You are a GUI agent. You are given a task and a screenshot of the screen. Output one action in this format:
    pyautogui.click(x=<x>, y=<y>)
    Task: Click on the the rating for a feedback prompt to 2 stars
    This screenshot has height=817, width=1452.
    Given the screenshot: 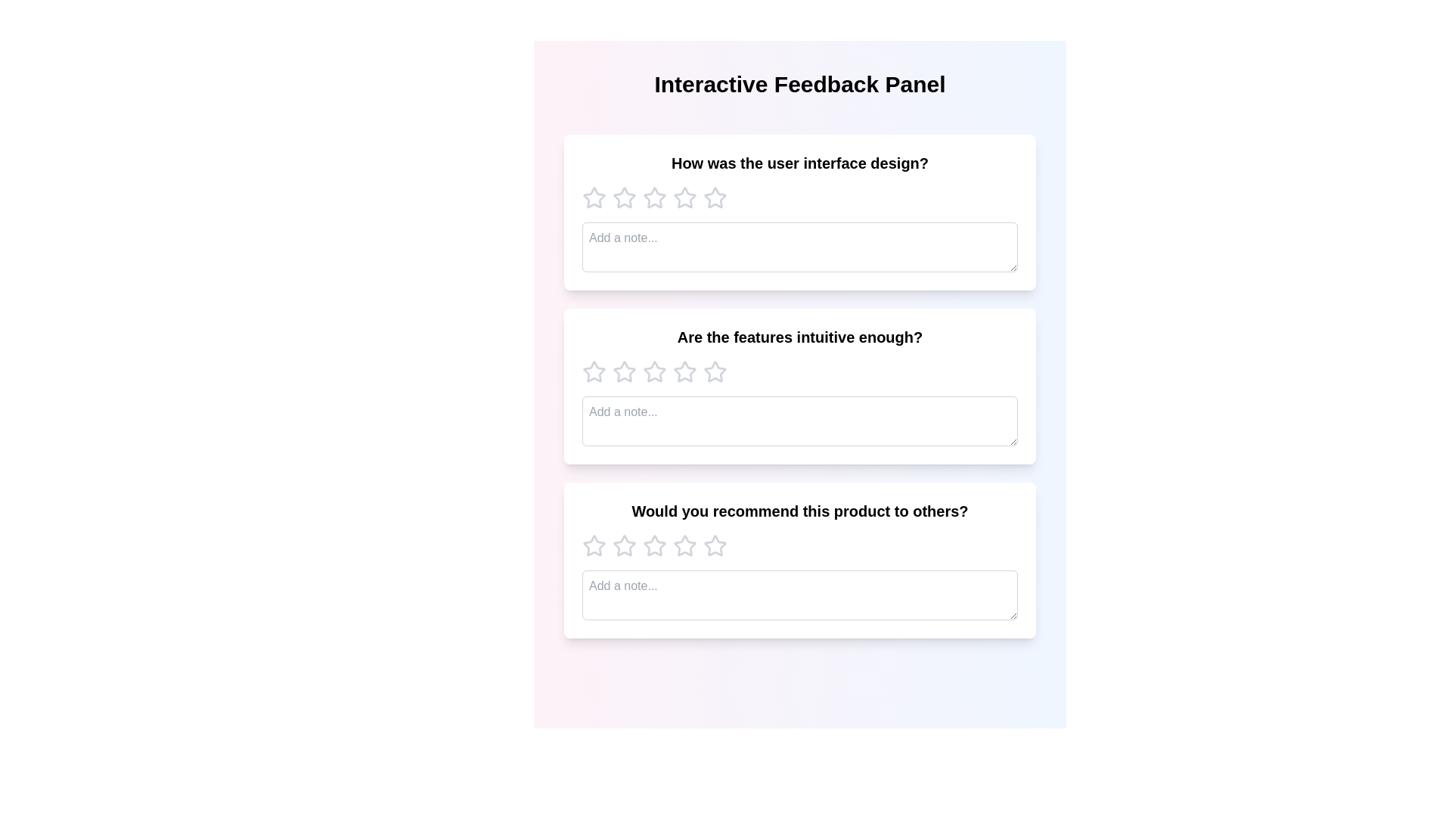 What is the action you would take?
    pyautogui.click(x=624, y=197)
    